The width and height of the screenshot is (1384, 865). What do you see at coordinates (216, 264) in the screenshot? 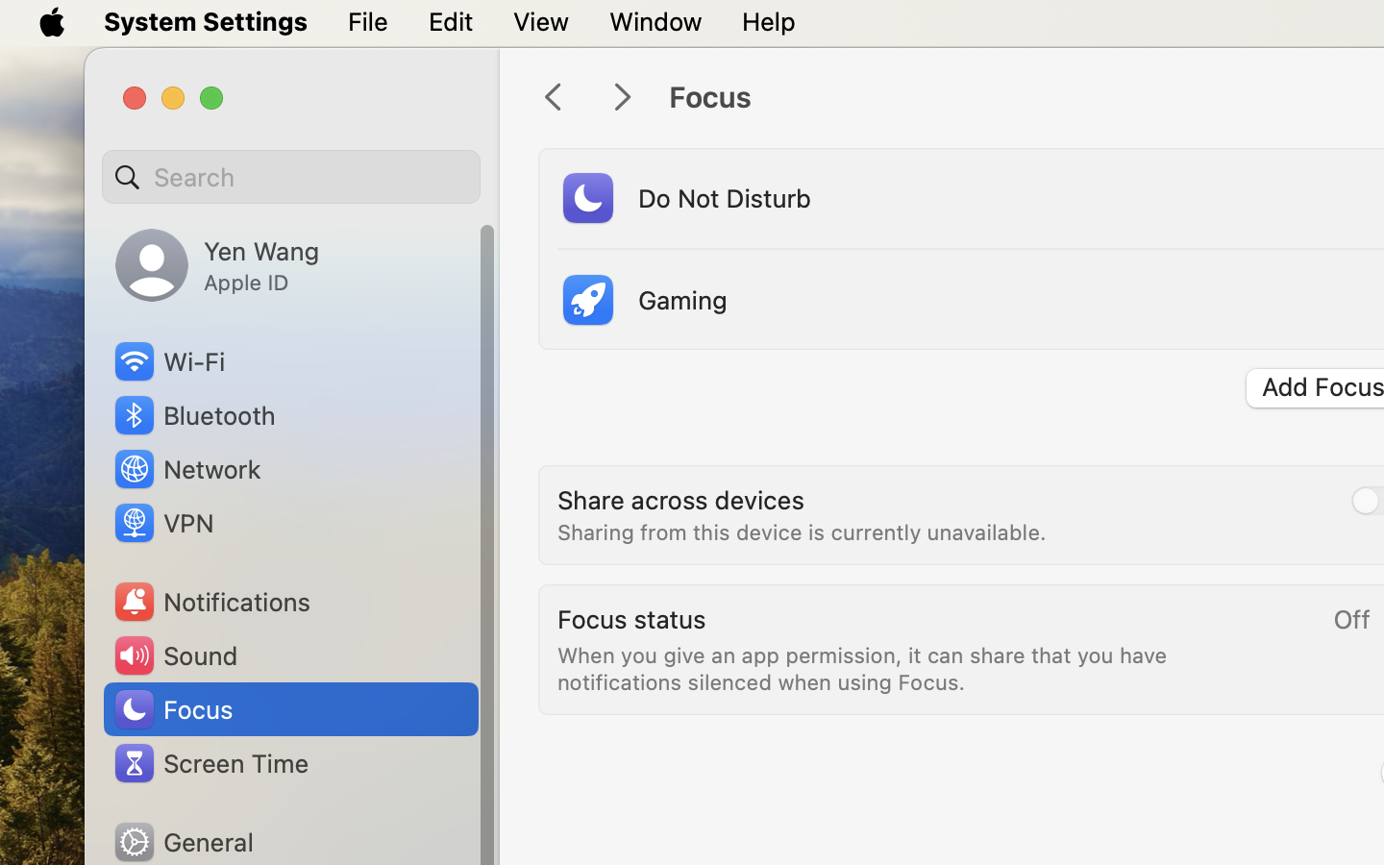
I see `'Yen Wang, Apple ID'` at bounding box center [216, 264].